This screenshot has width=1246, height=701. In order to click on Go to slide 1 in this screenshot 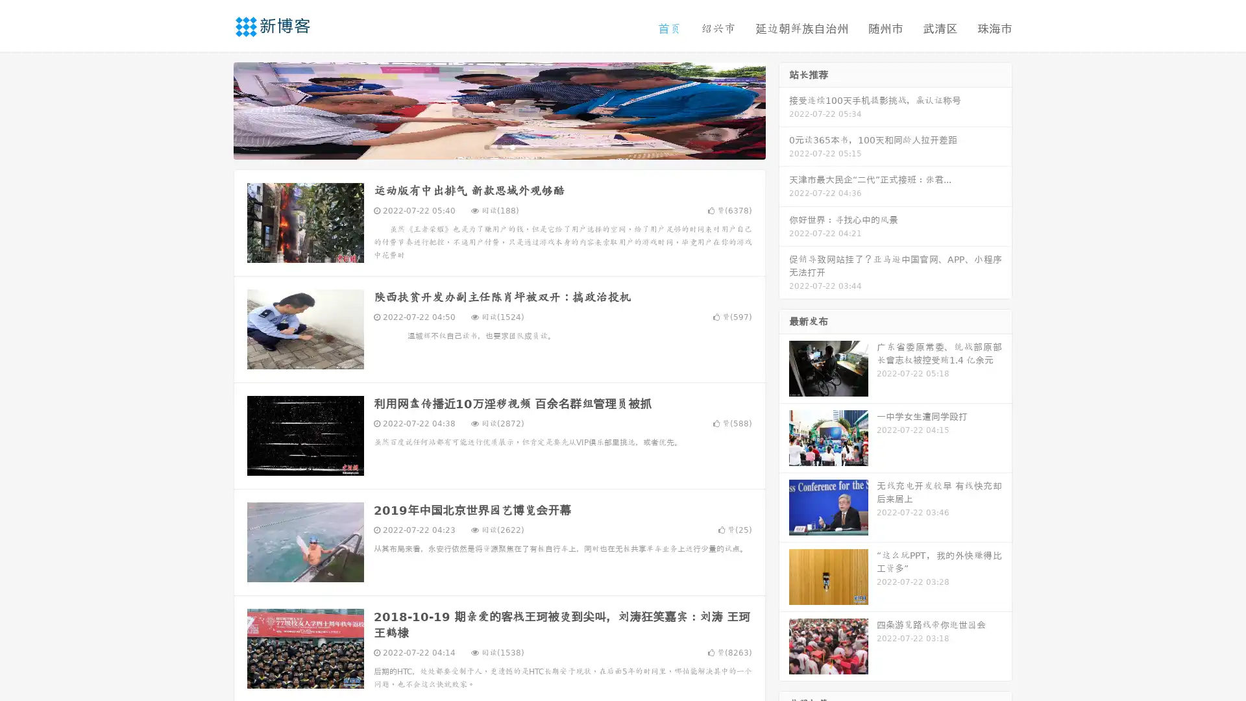, I will do `click(485, 146)`.